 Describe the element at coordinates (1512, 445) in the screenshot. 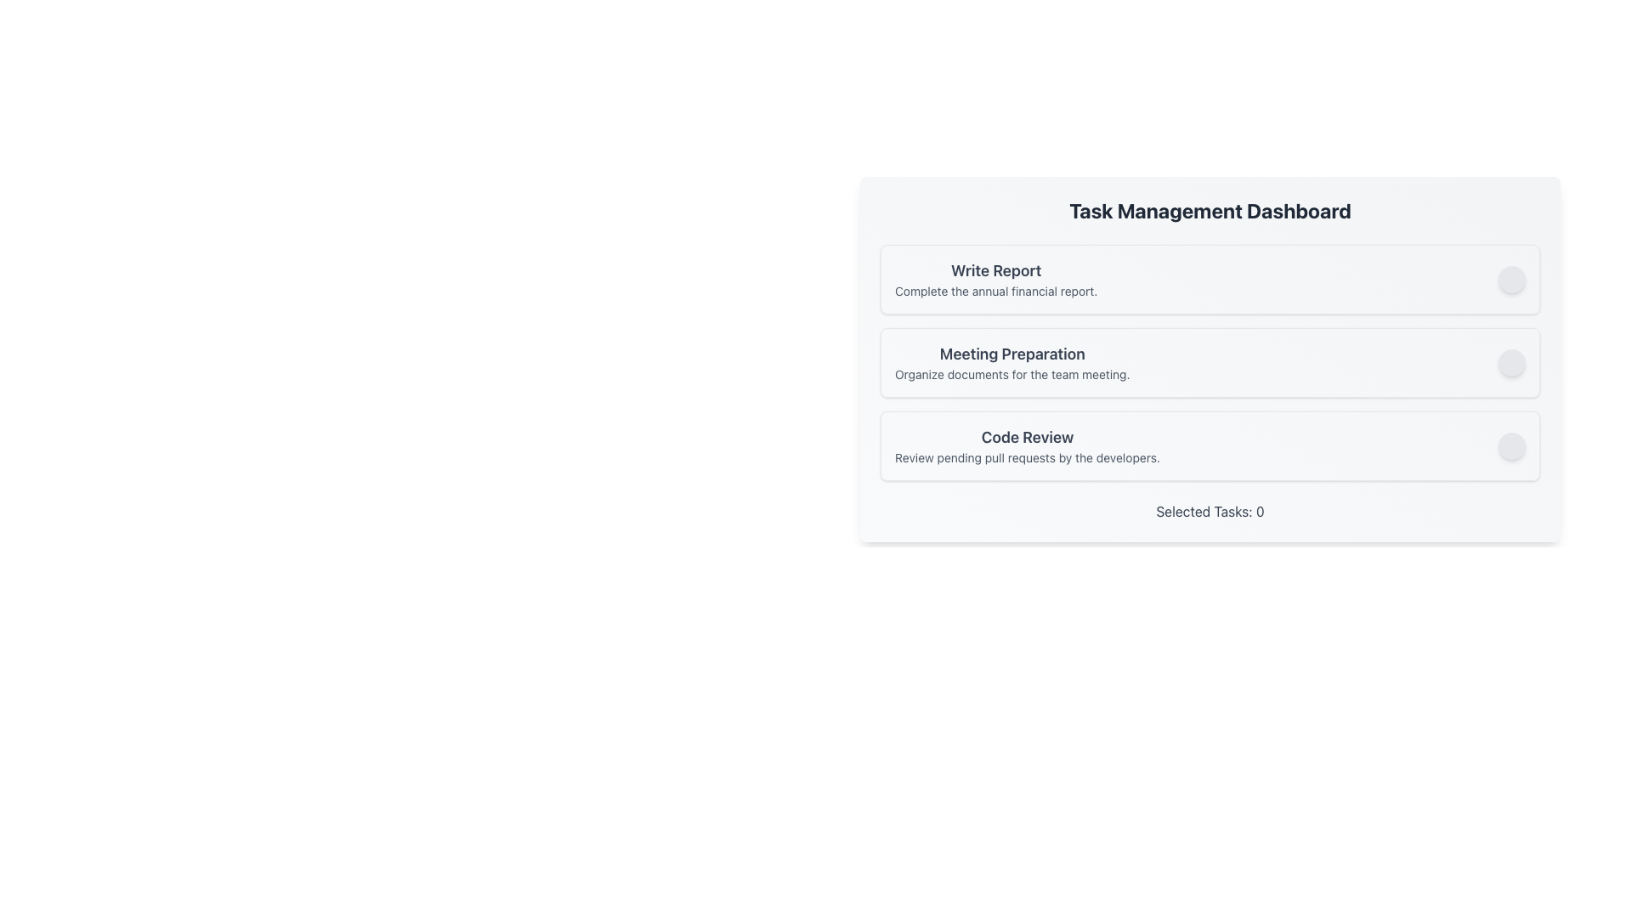

I see `the small circular button with a light gray background and a darker gray border located within the 'Code Review' task entry` at that location.